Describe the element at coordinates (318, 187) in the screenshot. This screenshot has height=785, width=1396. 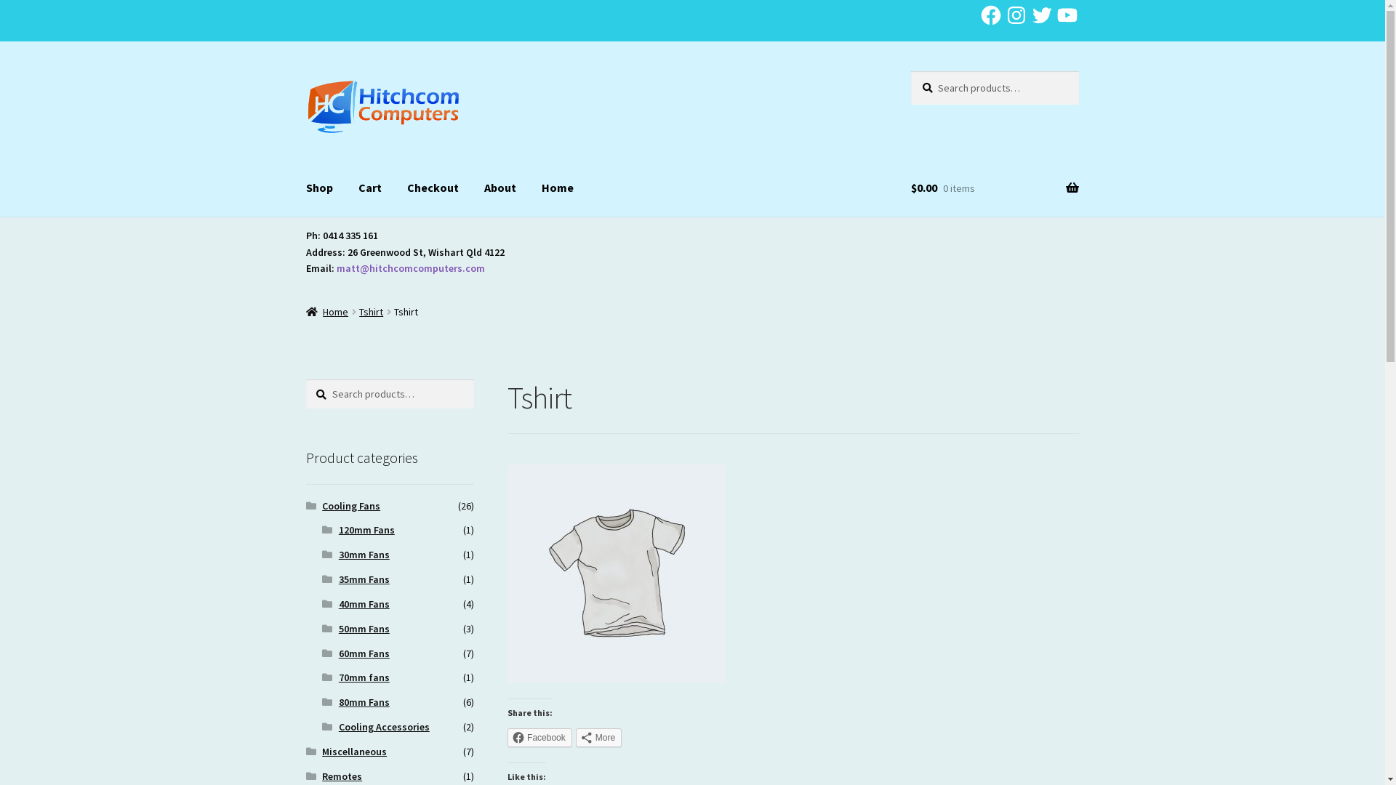
I see `'Shop'` at that location.